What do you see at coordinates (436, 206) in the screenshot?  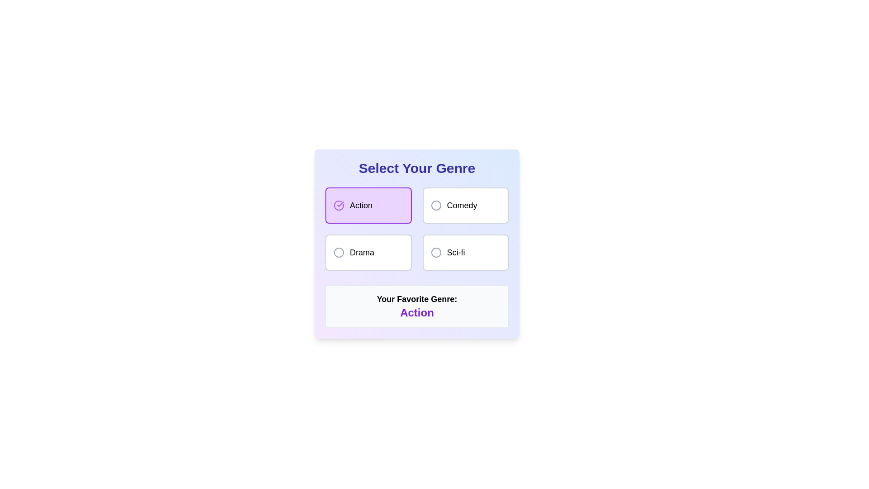 I see `the circular outline of the 'Comedy' radio selection option` at bounding box center [436, 206].